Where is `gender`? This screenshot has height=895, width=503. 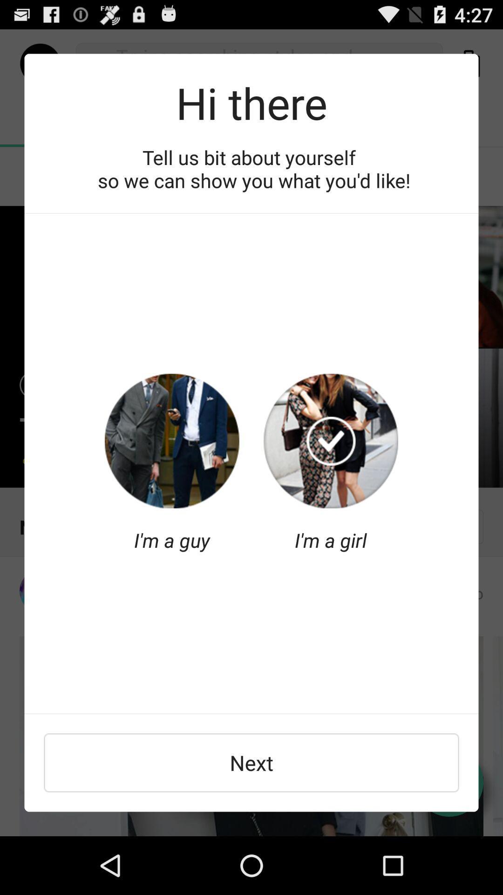
gender is located at coordinates (172, 441).